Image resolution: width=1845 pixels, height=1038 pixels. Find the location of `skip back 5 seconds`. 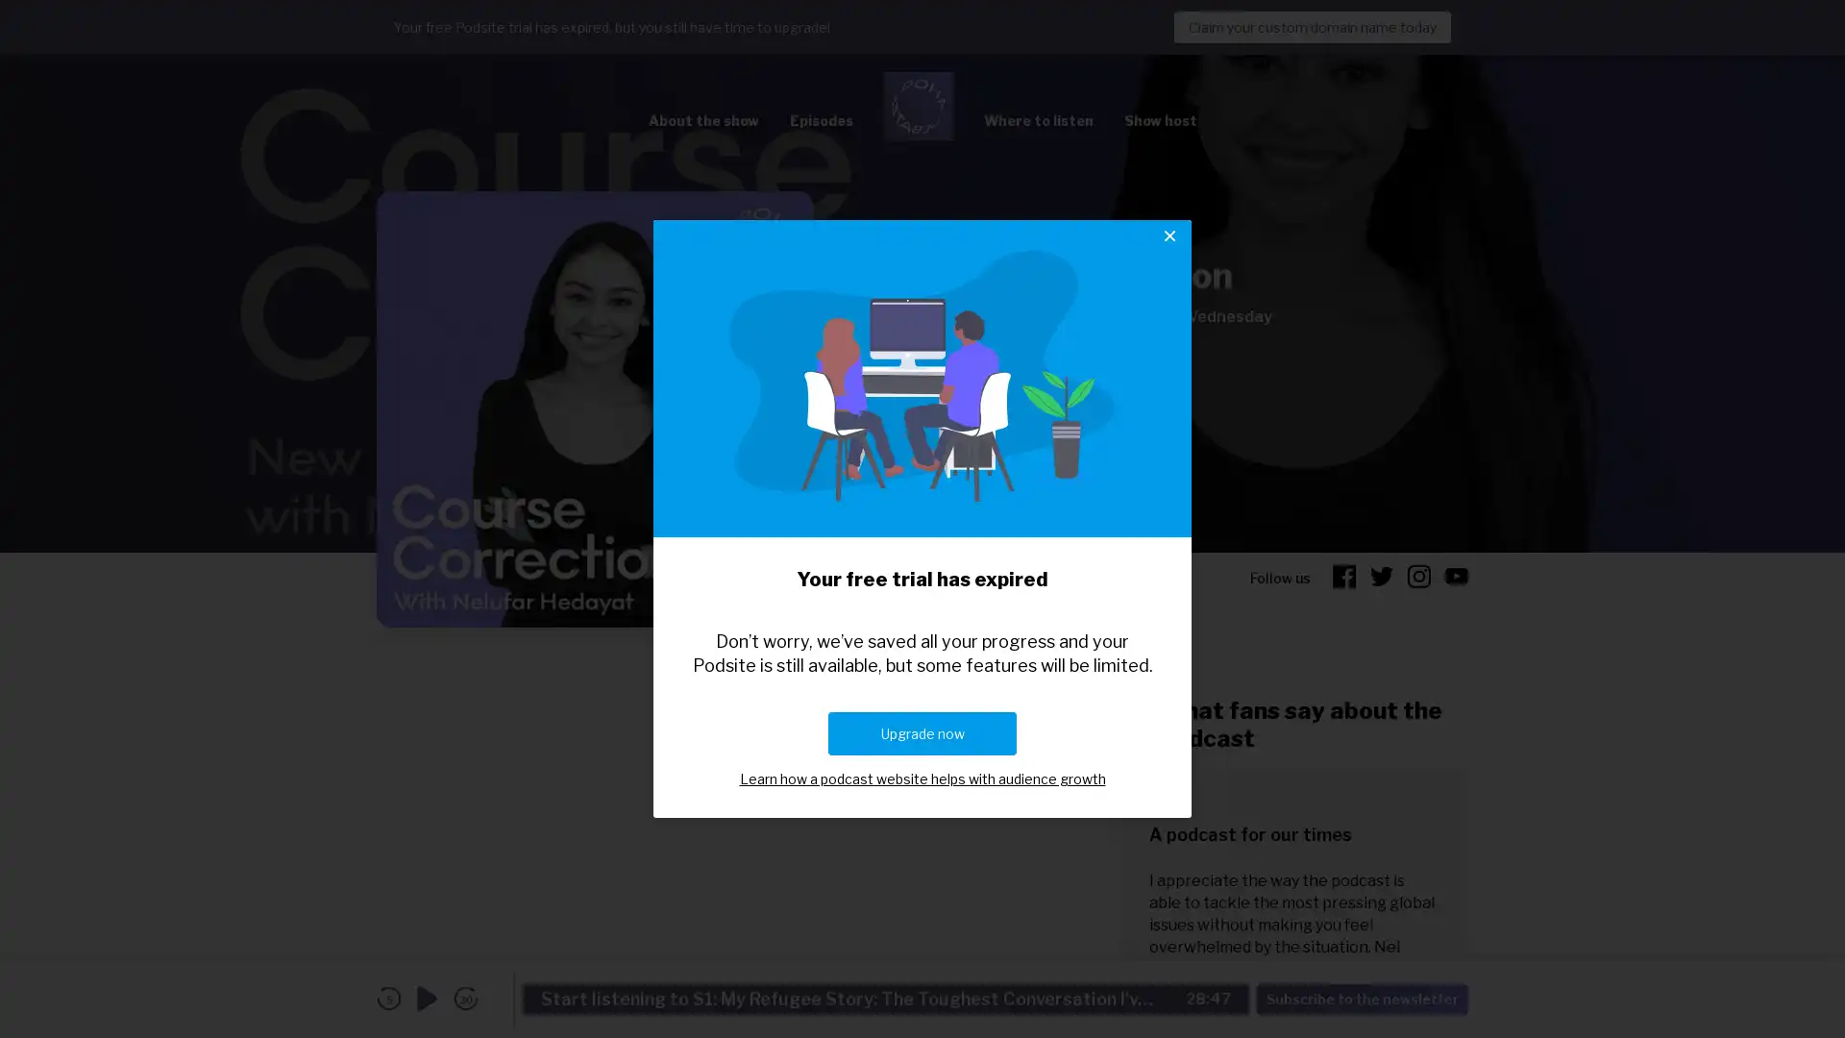

skip back 5 seconds is located at coordinates (387, 998).